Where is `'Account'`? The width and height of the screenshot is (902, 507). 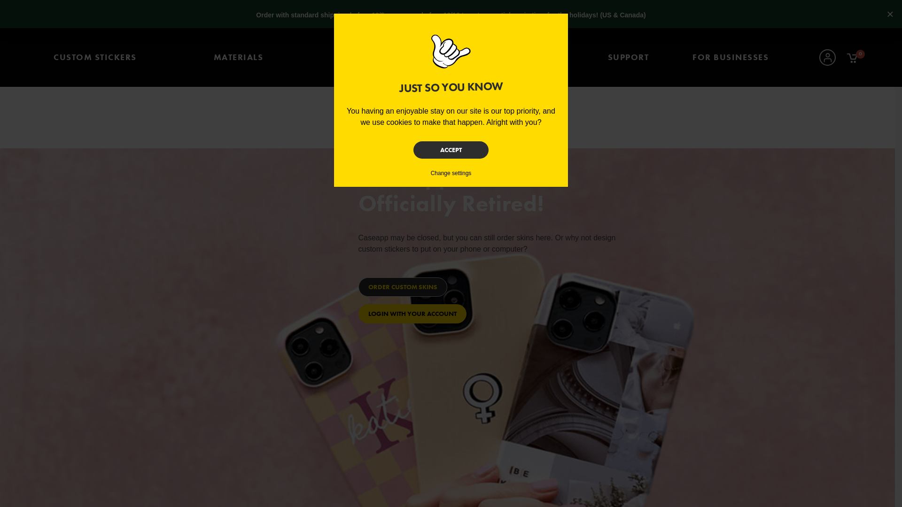
'Account' is located at coordinates (828, 58).